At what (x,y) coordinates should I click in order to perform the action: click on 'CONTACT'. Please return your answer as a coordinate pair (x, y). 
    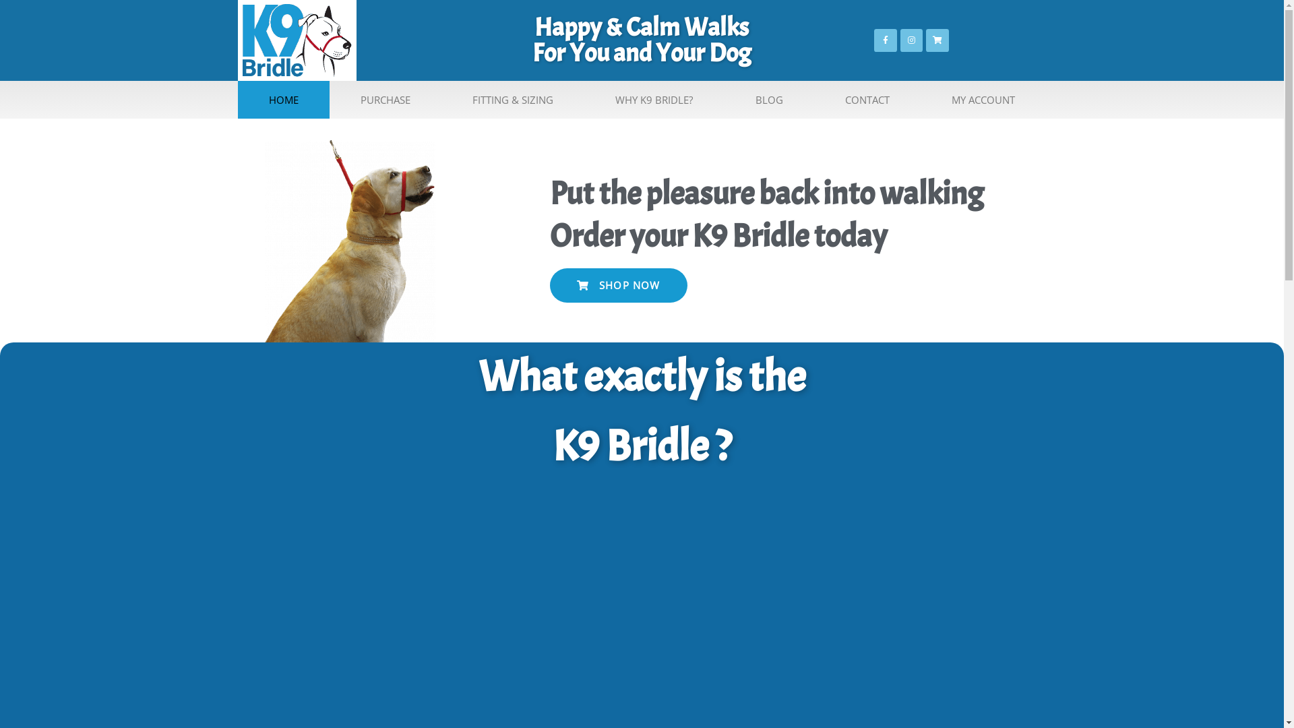
    Looking at the image, I should click on (867, 98).